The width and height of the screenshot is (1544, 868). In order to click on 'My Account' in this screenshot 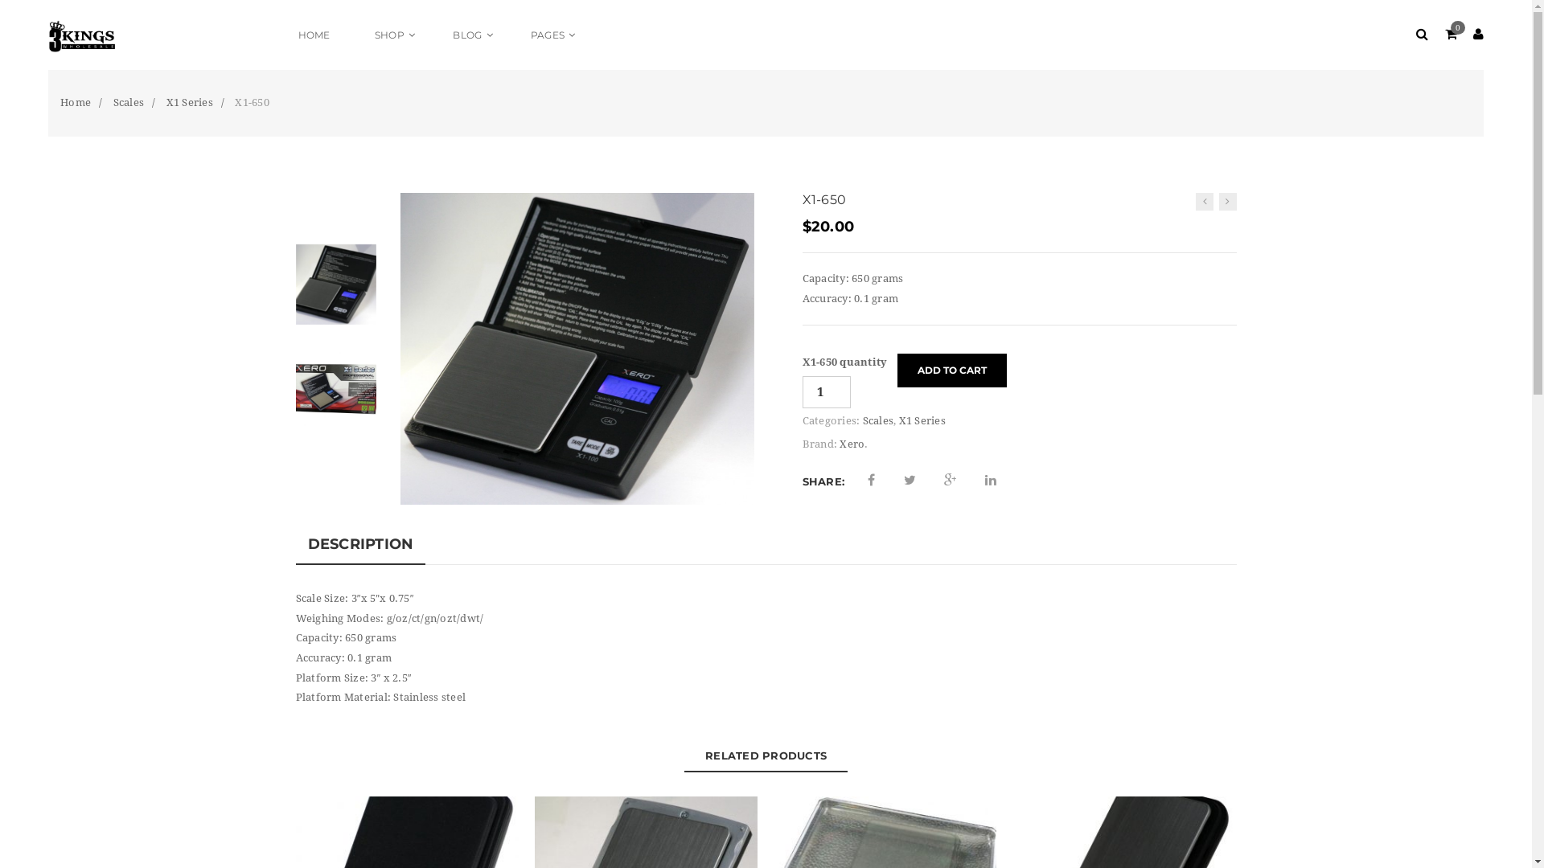, I will do `click(1478, 35)`.